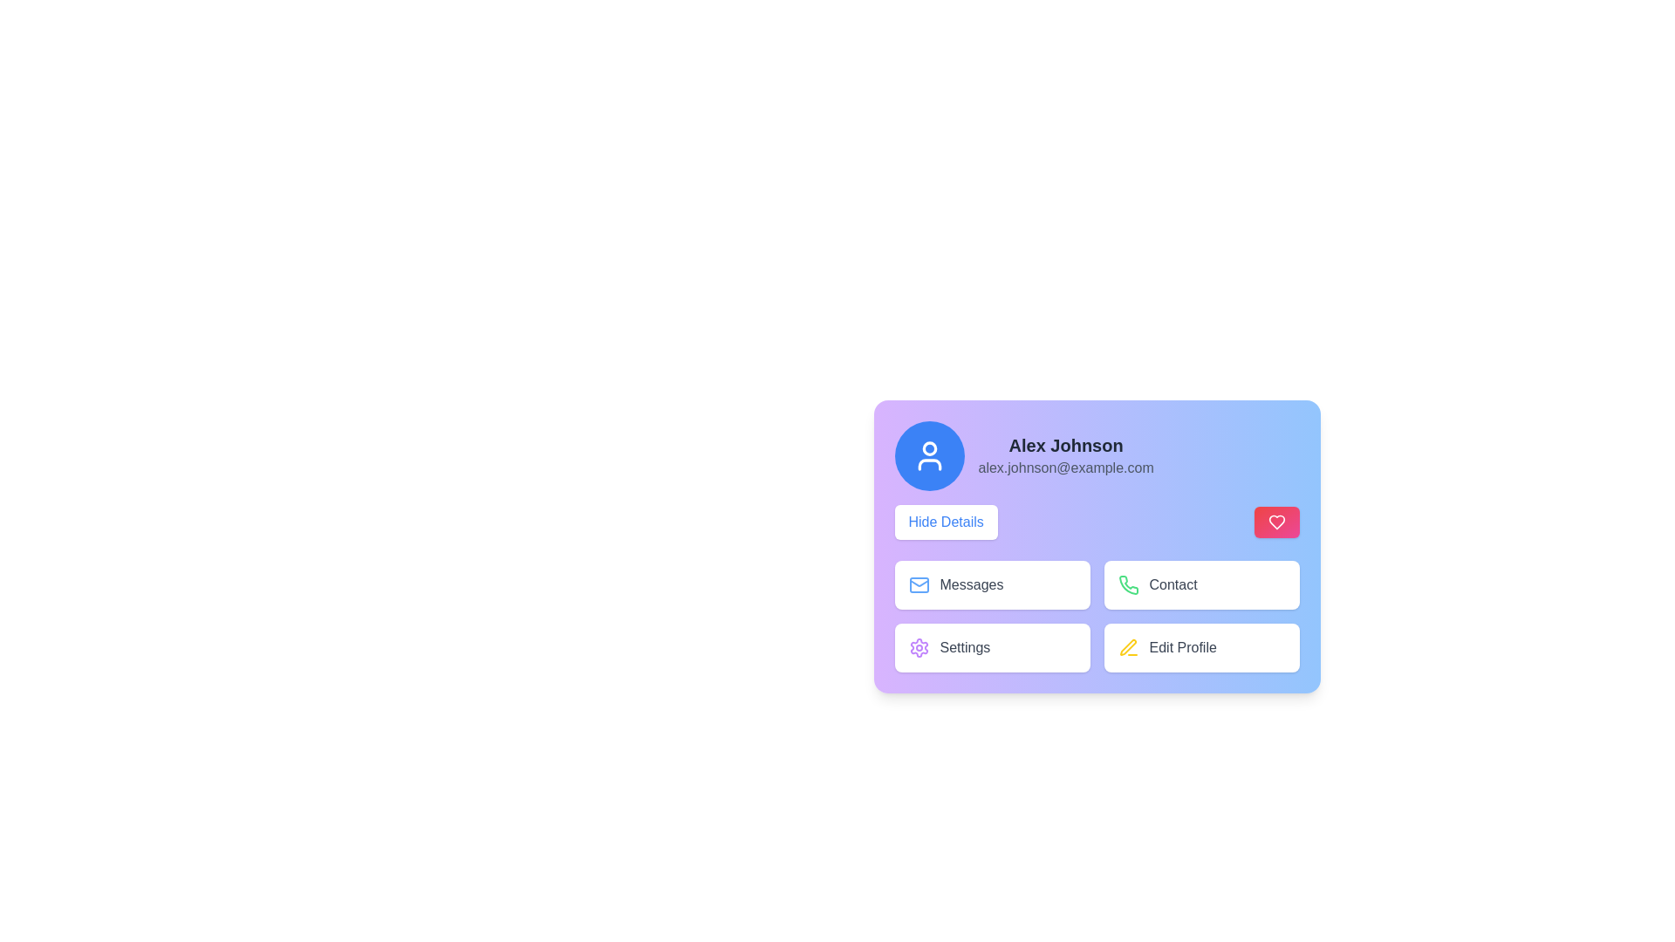 Image resolution: width=1675 pixels, height=942 pixels. I want to click on the 'Contact' text label, which is gray and located to the right of a phone icon, so click(1173, 585).